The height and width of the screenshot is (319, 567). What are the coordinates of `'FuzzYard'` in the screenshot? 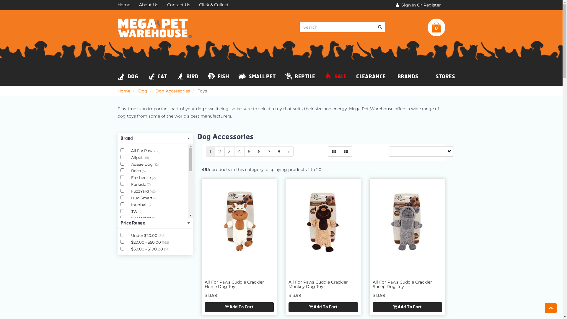 It's located at (140, 191).